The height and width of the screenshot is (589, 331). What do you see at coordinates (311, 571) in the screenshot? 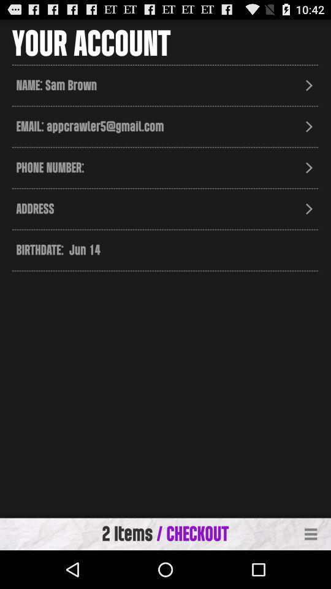
I see `the menu icon` at bounding box center [311, 571].